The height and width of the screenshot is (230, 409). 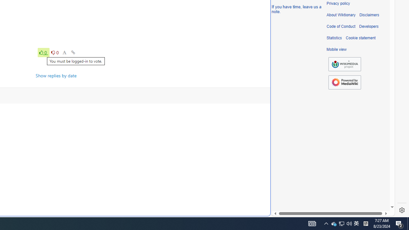 I want to click on 'Code of Conduct', so click(x=341, y=26).